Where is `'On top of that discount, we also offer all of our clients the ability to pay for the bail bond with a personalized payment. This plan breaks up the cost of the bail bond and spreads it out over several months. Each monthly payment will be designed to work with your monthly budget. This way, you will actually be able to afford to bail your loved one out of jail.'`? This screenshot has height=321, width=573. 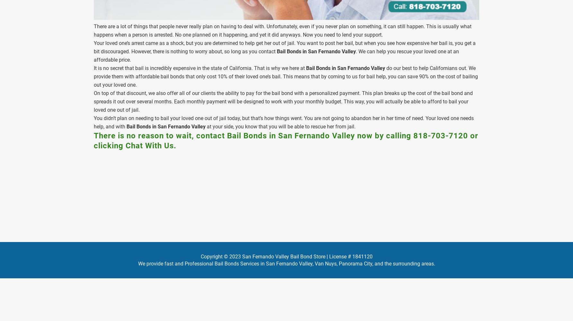
'On top of that discount, we also offer all of our clients the ability to pay for the bail bond with a personalized payment. This plan breaks up the cost of the bail bond and spreads it out over several months. Each monthly payment will be designed to work with your monthly budget. This way, you will actually be able to afford to bail your loved one out of jail.' is located at coordinates (283, 101).